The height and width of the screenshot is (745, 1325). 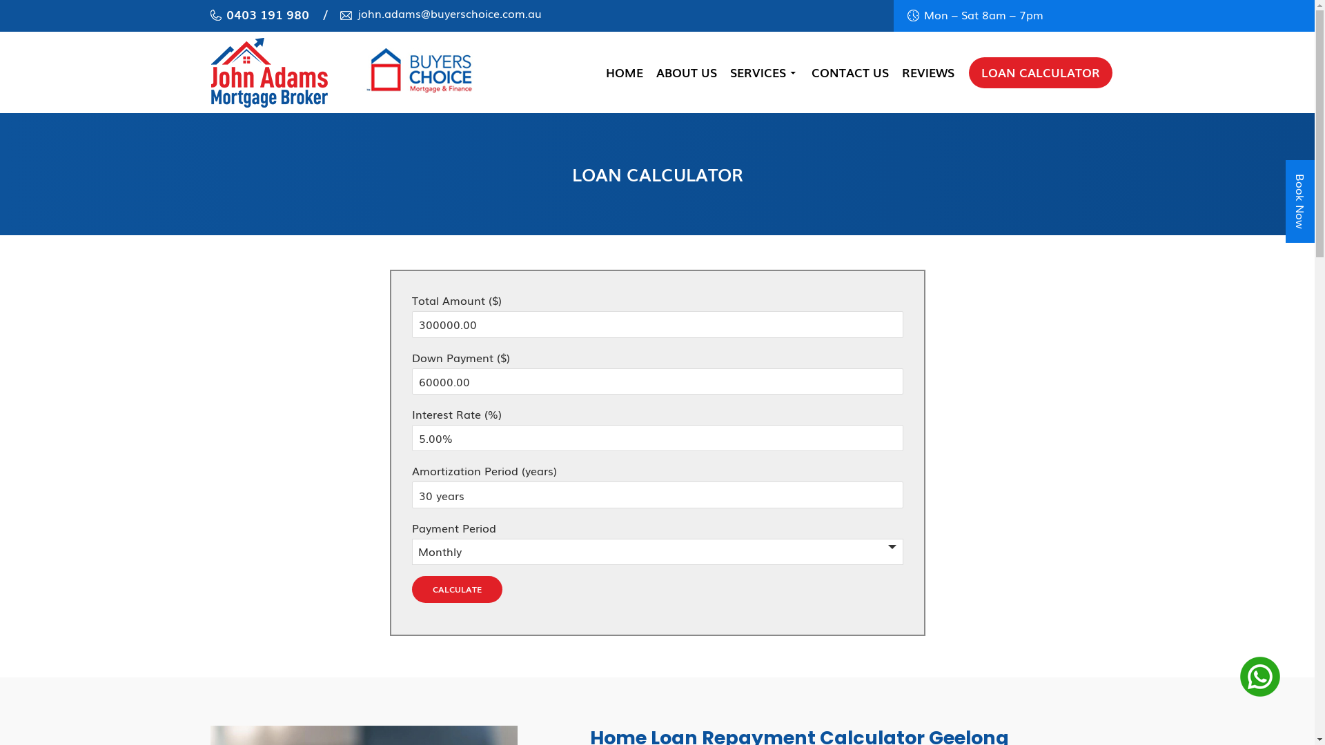 I want to click on 'ABOUT US', so click(x=649, y=72).